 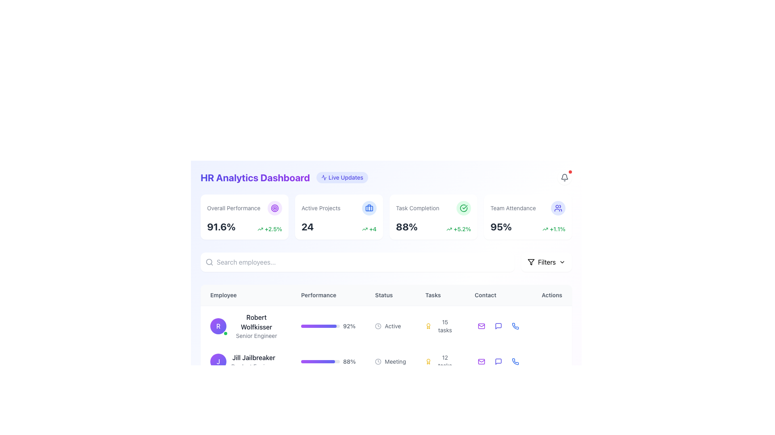 I want to click on the upward-pointing arrow icon with a green stroke color located in the top-right section of the 'Team Attendance' statistical card, adjacent to the '+1.1%' text, so click(x=545, y=229).